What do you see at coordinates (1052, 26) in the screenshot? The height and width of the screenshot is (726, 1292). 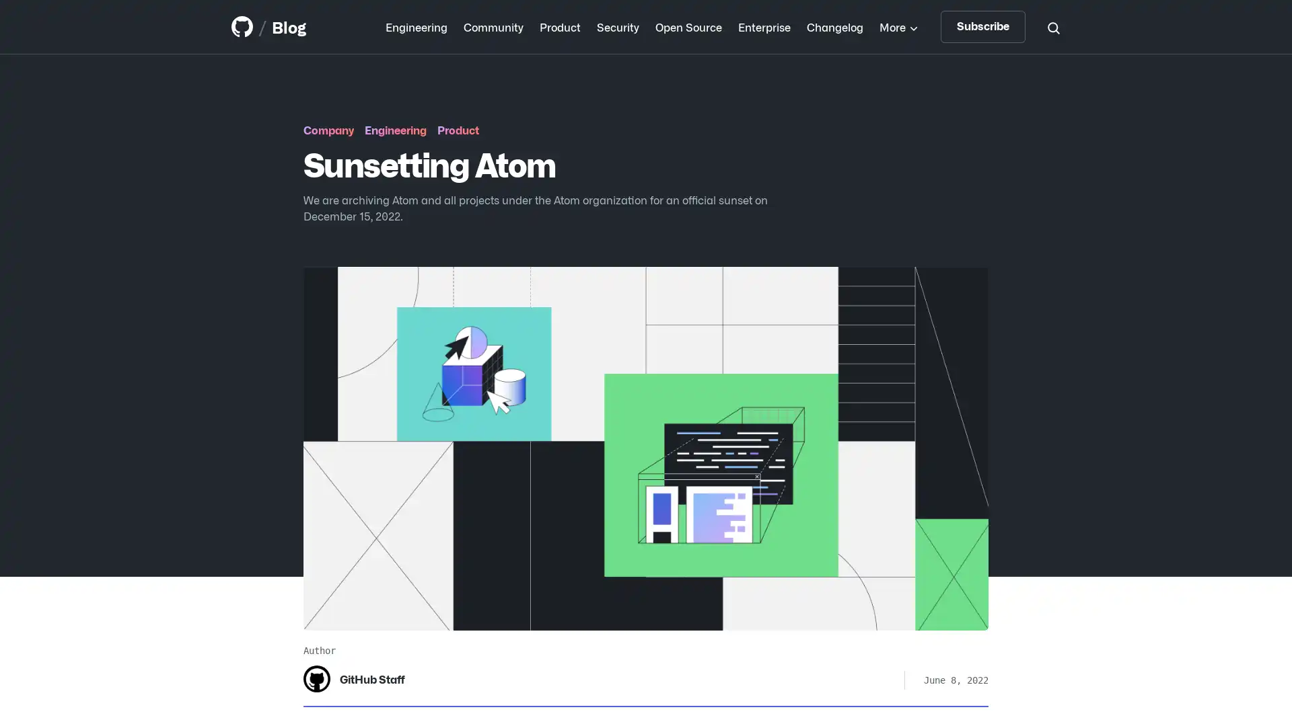 I see `Search toggle` at bounding box center [1052, 26].